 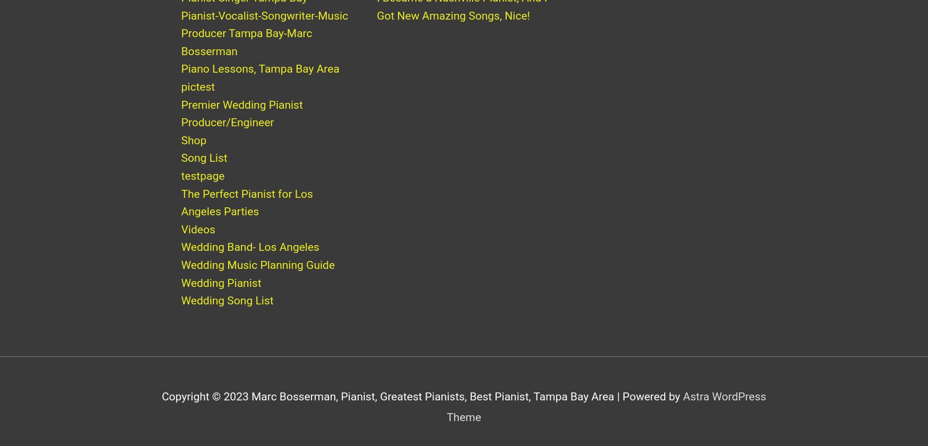 What do you see at coordinates (181, 258) in the screenshot?
I see `'Wedding Band- Los Angeles'` at bounding box center [181, 258].